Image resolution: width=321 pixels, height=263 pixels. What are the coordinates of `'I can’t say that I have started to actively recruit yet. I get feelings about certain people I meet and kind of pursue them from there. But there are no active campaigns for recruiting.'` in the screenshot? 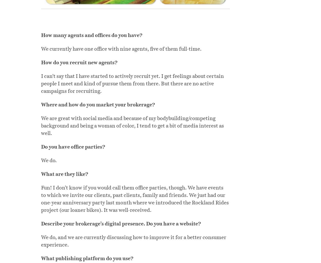 It's located at (133, 84).